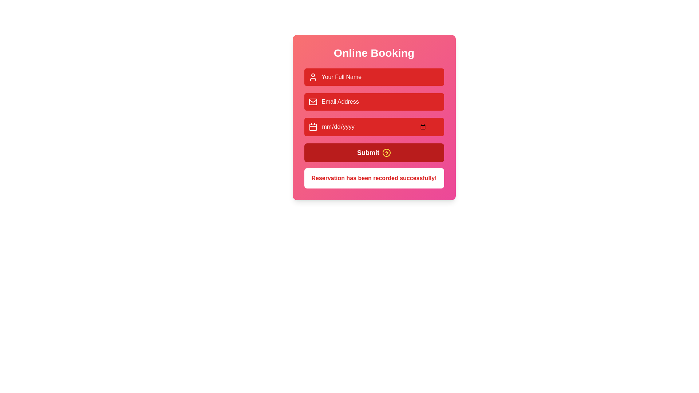 The height and width of the screenshot is (393, 699). Describe the element at coordinates (313, 126) in the screenshot. I see `the date selection icon located to the left of the 'mm/dd/yyyy' date input field in the third row of input fields` at that location.